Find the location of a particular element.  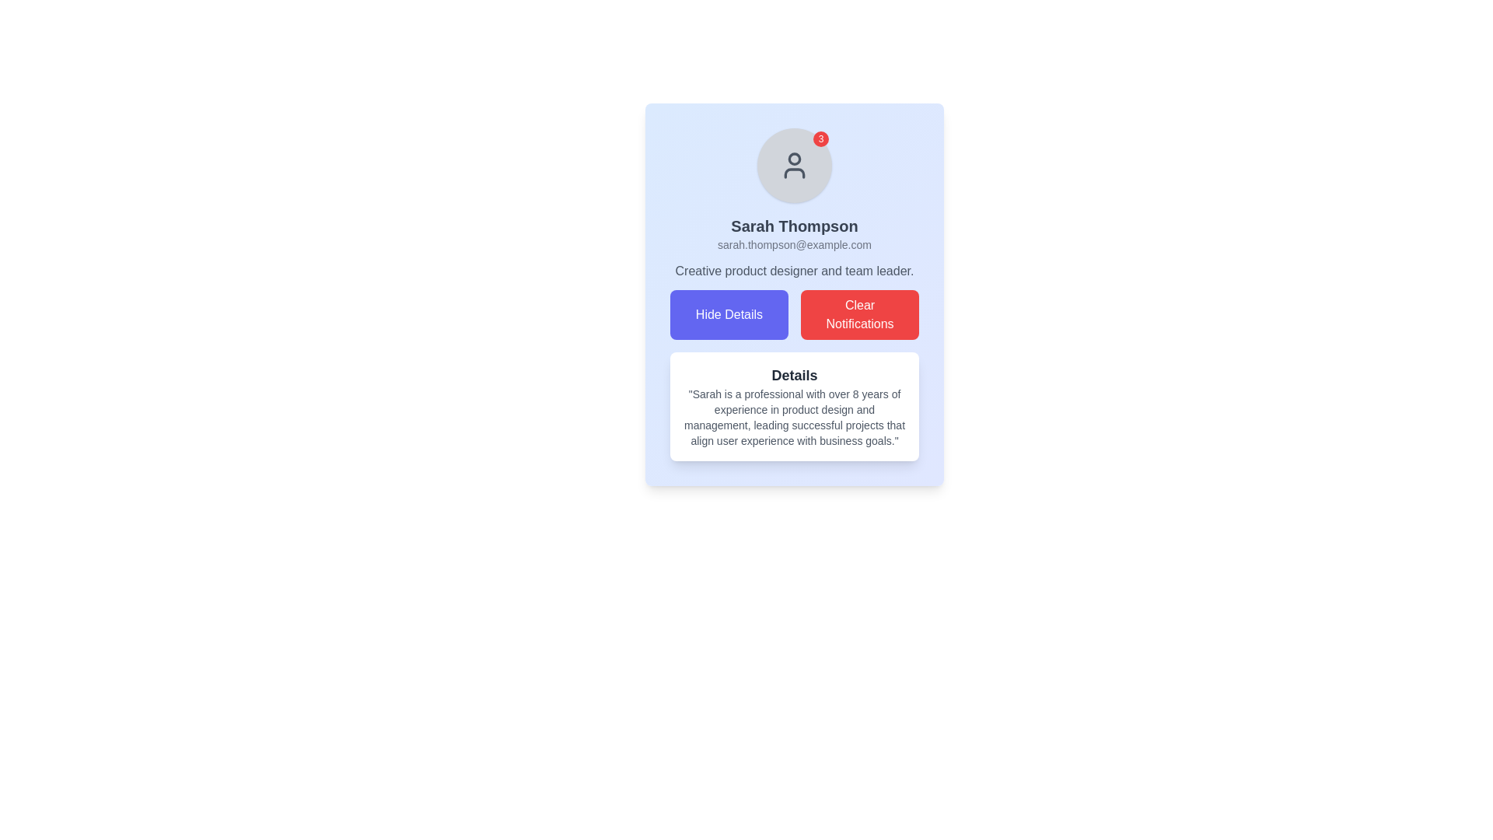

the Notification Badge located in the top-right corner of the avatar's bounding box on the profile card, which indicates new updates or messages is located at coordinates (820, 138).